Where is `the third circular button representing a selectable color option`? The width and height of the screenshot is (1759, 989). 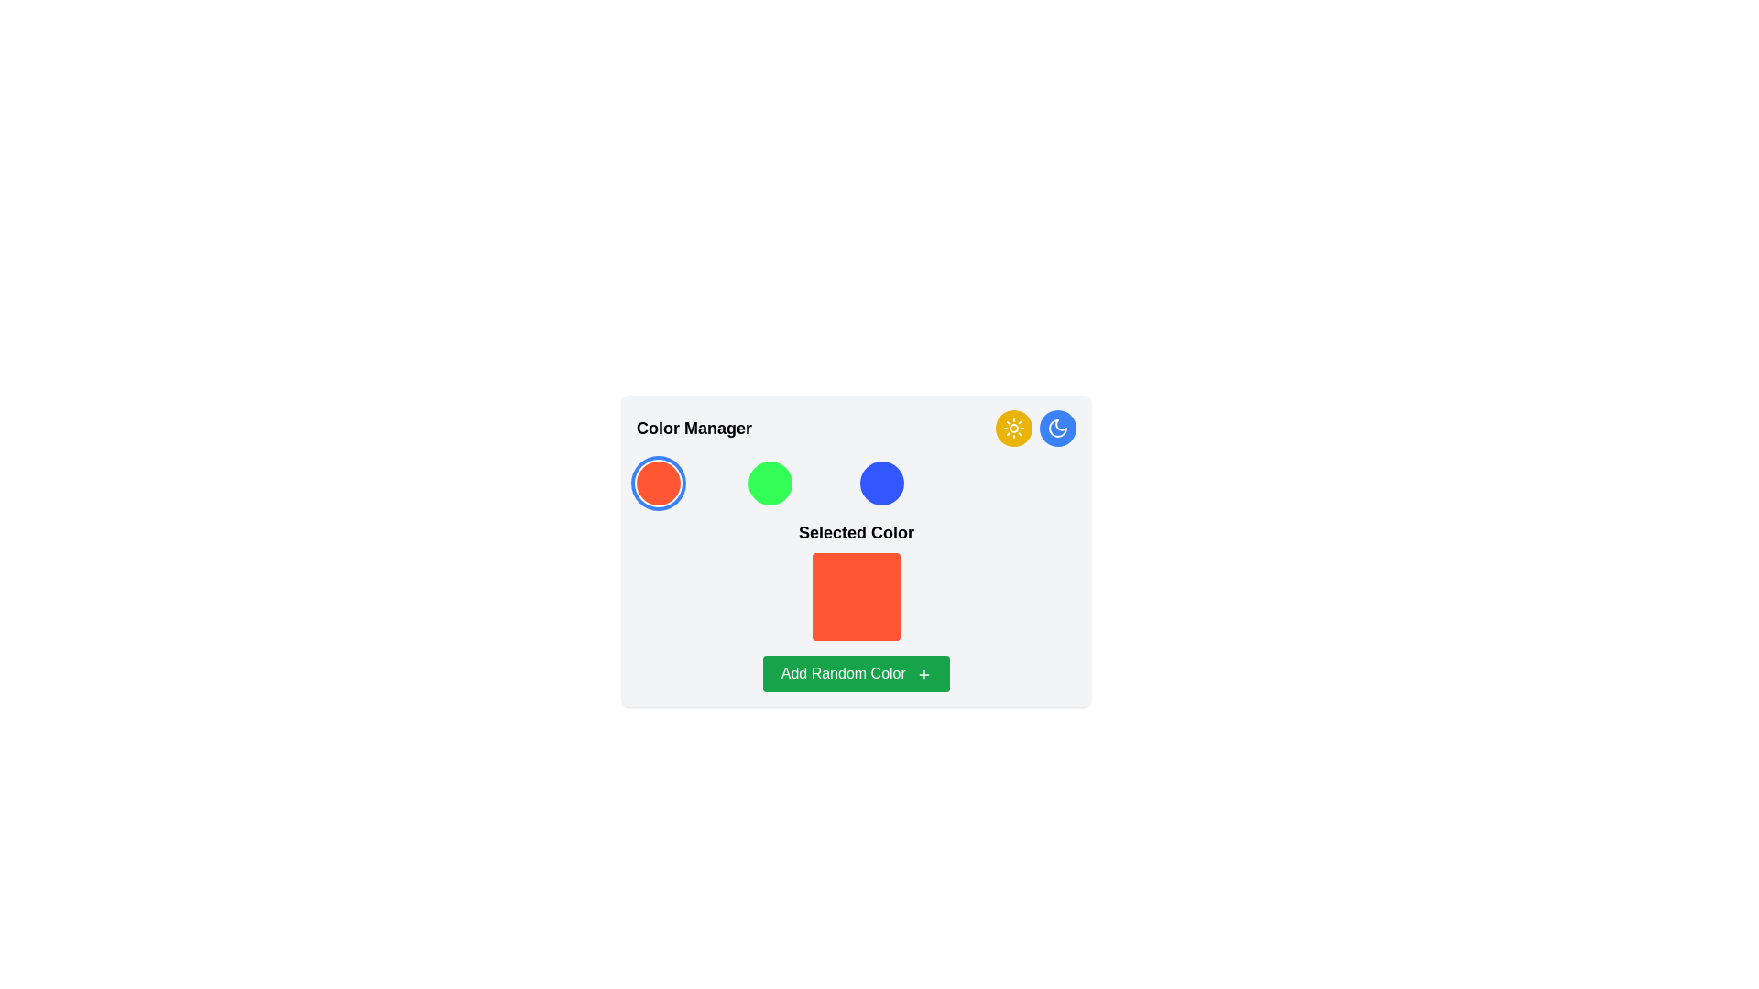 the third circular button representing a selectable color option is located at coordinates (856, 483).